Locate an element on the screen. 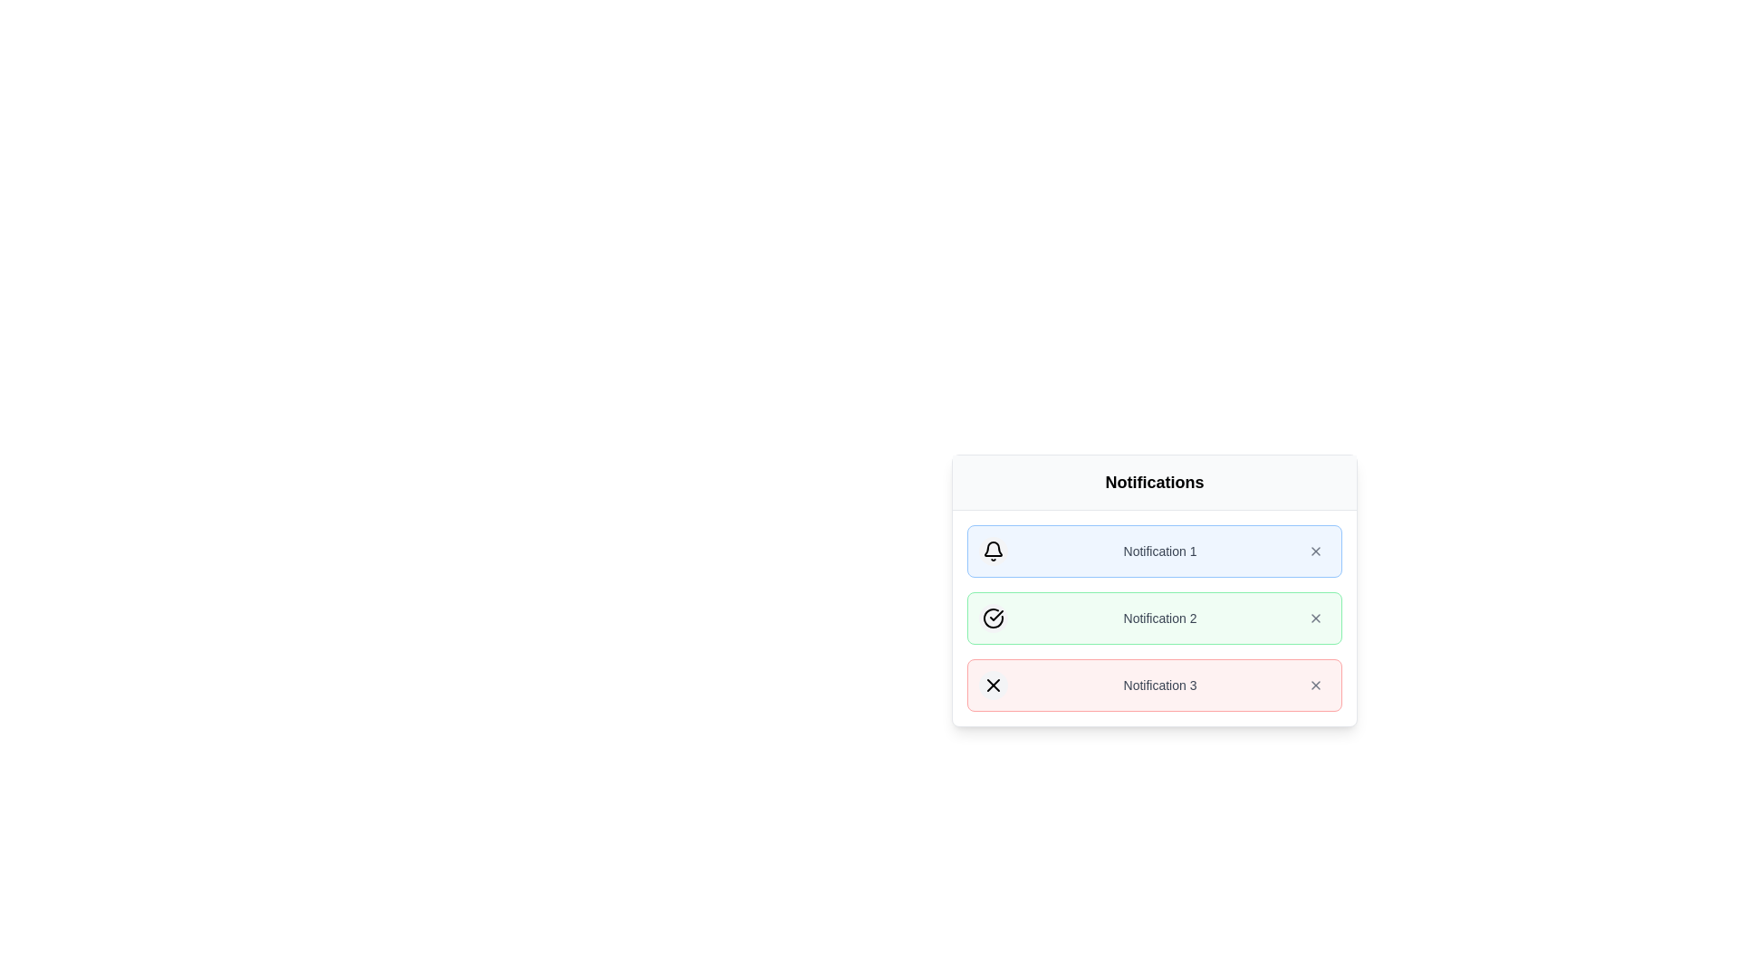  the Notification Card displaying the message 'Notification 3', which is the third item in a vertical stack of notification cards is located at coordinates (1154, 685).